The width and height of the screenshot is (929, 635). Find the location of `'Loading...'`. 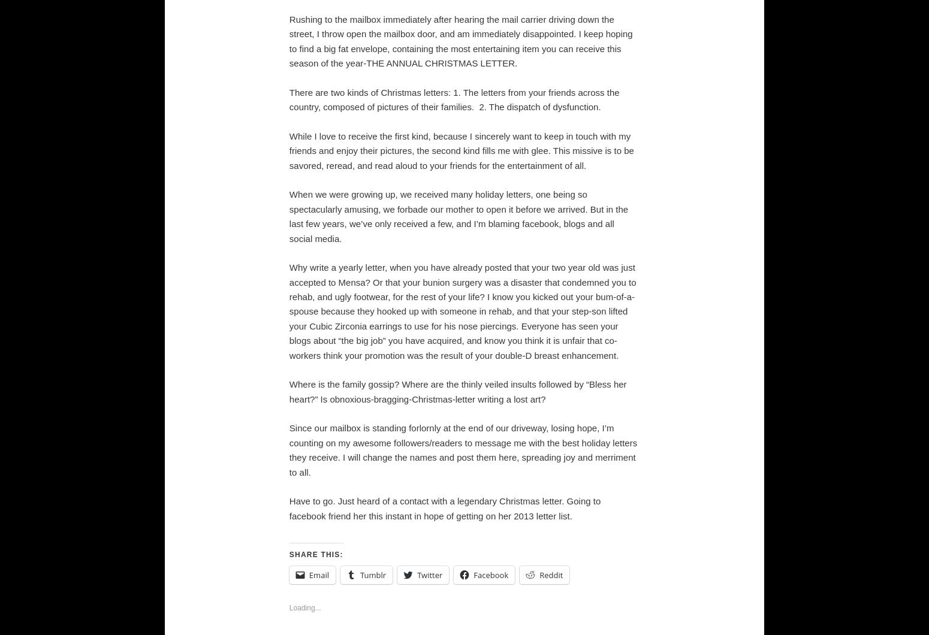

'Loading...' is located at coordinates (304, 607).